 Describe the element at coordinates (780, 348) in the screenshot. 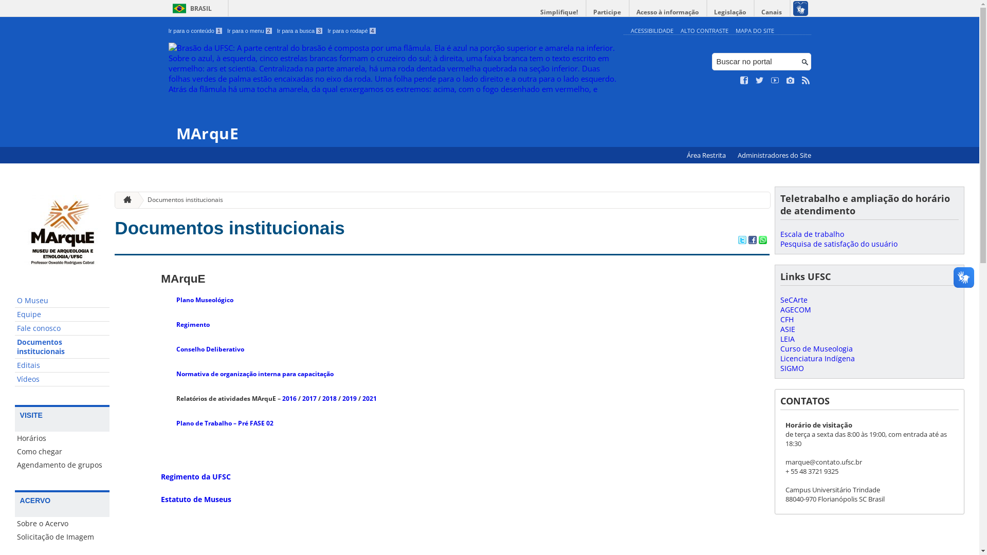

I see `'Curso de Museologia'` at that location.